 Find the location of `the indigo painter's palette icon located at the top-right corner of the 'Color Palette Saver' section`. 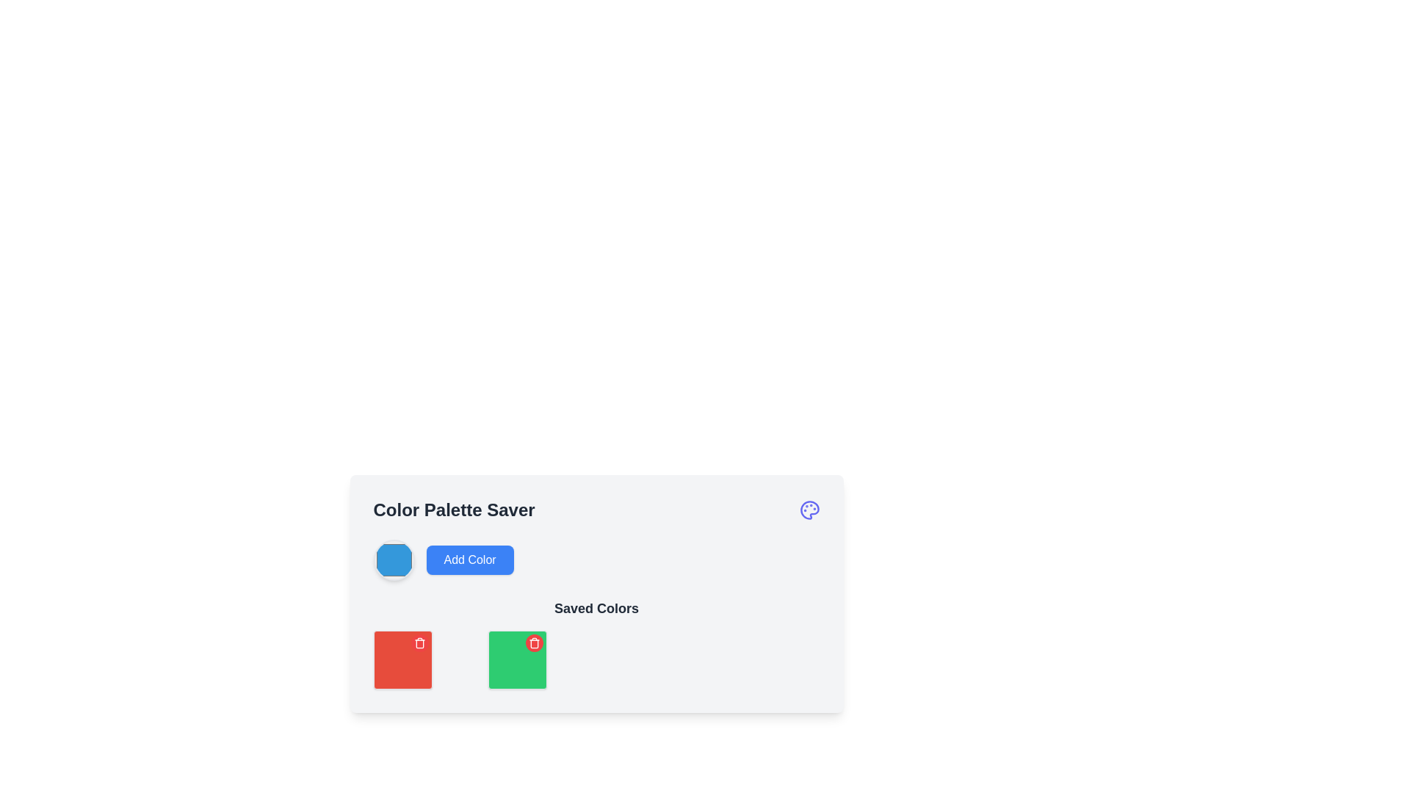

the indigo painter's palette icon located at the top-right corner of the 'Color Palette Saver' section is located at coordinates (809, 509).